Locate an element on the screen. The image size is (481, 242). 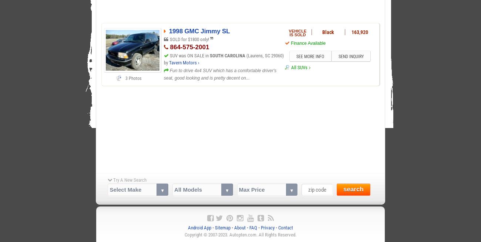
'SOLD for $1800 only!' is located at coordinates (189, 39).